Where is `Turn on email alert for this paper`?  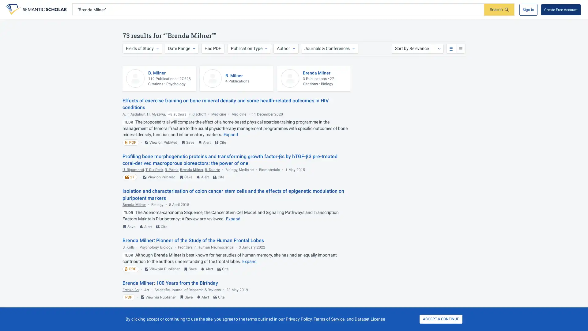
Turn on email alert for this paper is located at coordinates (203, 177).